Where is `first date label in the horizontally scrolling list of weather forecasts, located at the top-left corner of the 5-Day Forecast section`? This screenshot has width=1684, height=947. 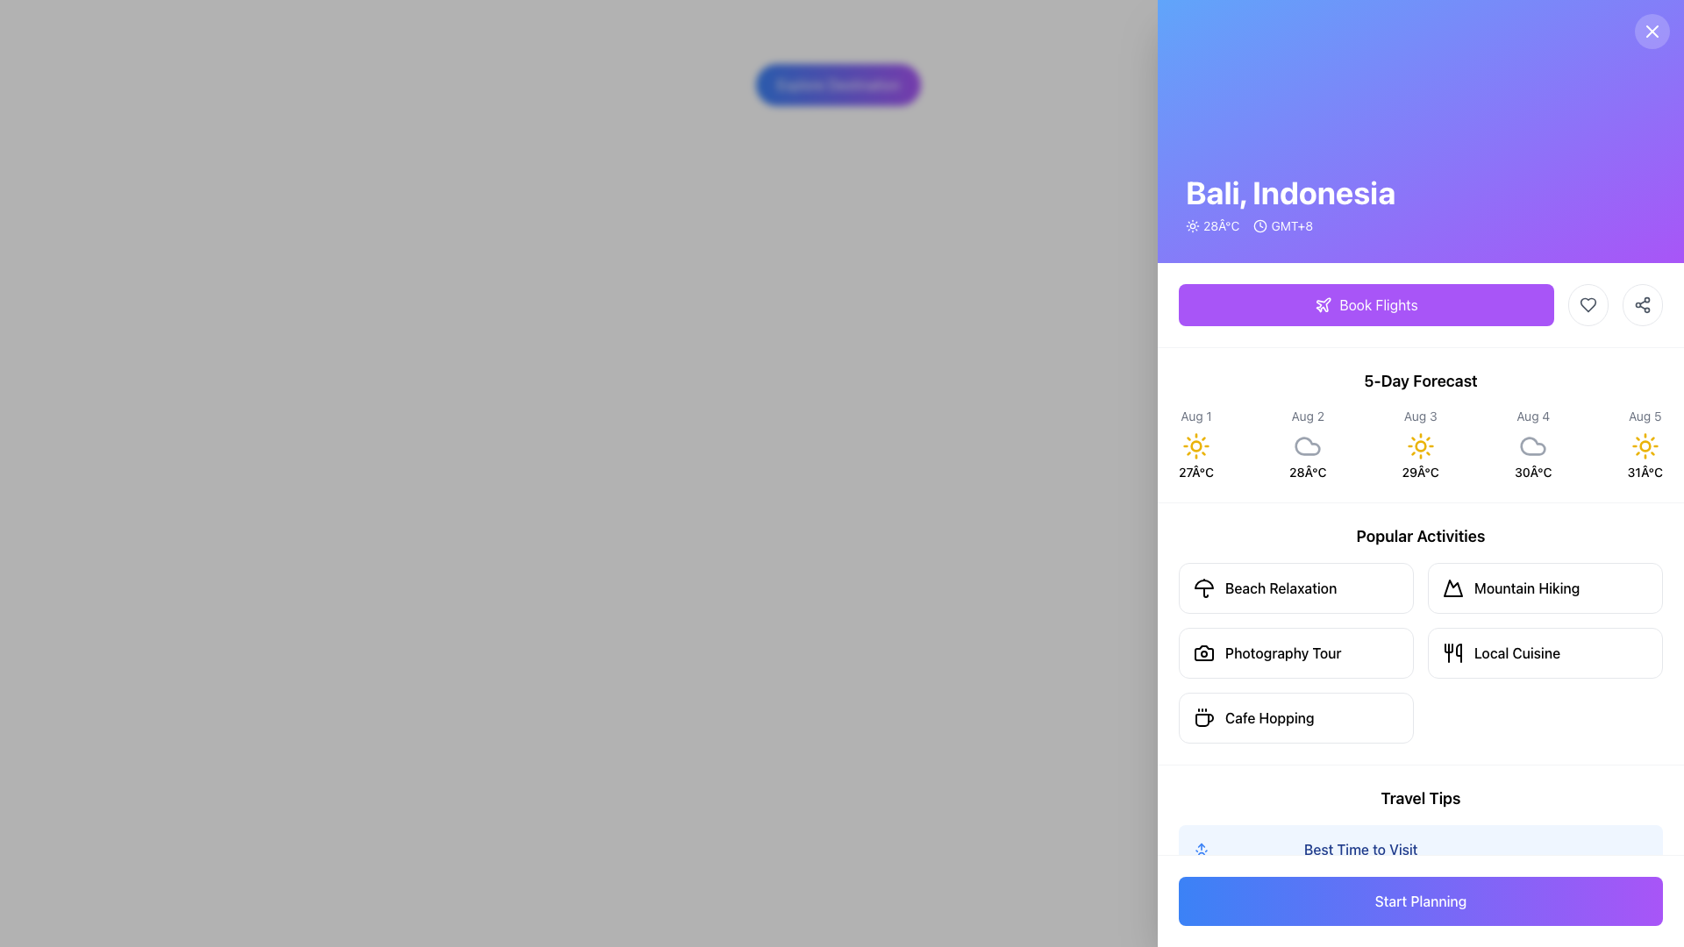
first date label in the horizontally scrolling list of weather forecasts, located at the top-left corner of the 5-Day Forecast section is located at coordinates (1195, 416).